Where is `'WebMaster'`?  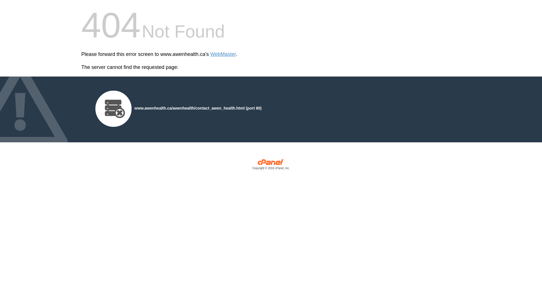
'WebMaster' is located at coordinates (210, 54).